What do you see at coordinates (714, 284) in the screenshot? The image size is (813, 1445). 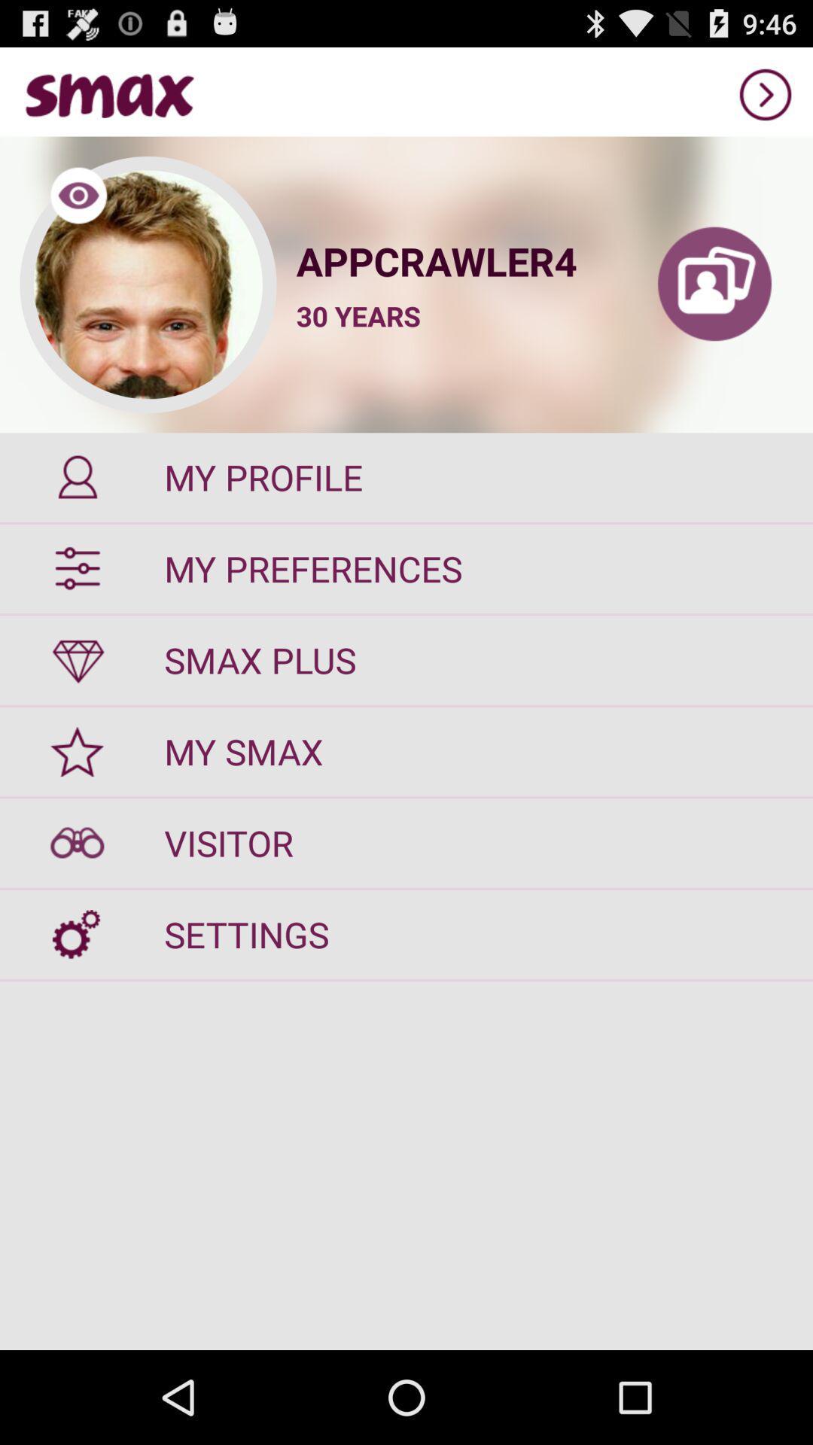 I see `contact field` at bounding box center [714, 284].